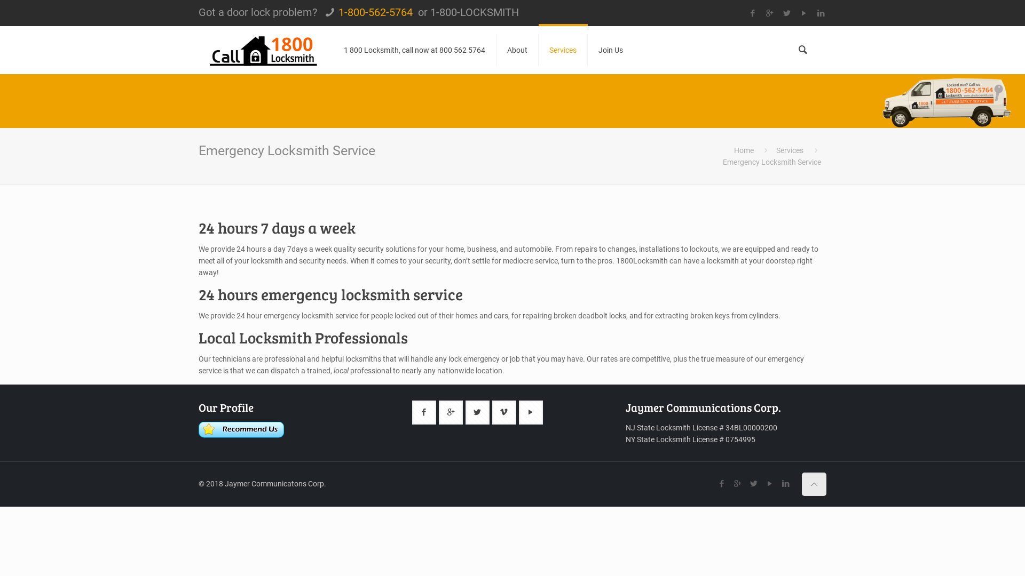 The image size is (1025, 576). I want to click on 'Home', so click(743, 150).